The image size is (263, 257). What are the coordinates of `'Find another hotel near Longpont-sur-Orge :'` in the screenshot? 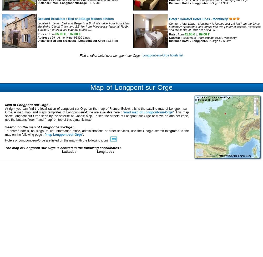 It's located at (110, 55).